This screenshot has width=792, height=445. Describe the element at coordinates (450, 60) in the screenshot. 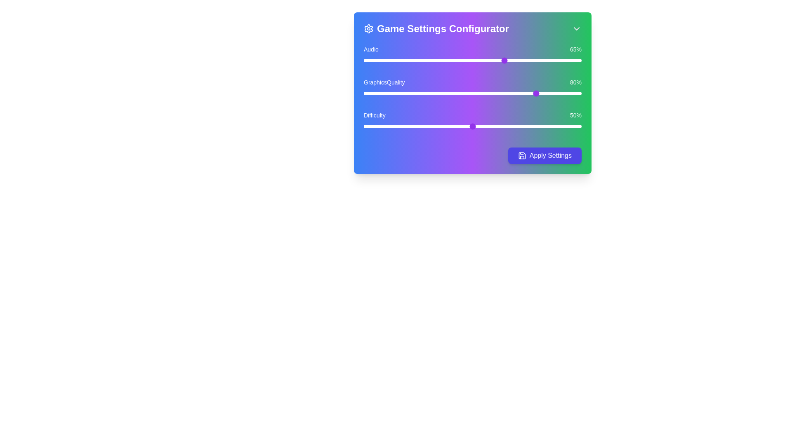

I see `the audio volume` at that location.